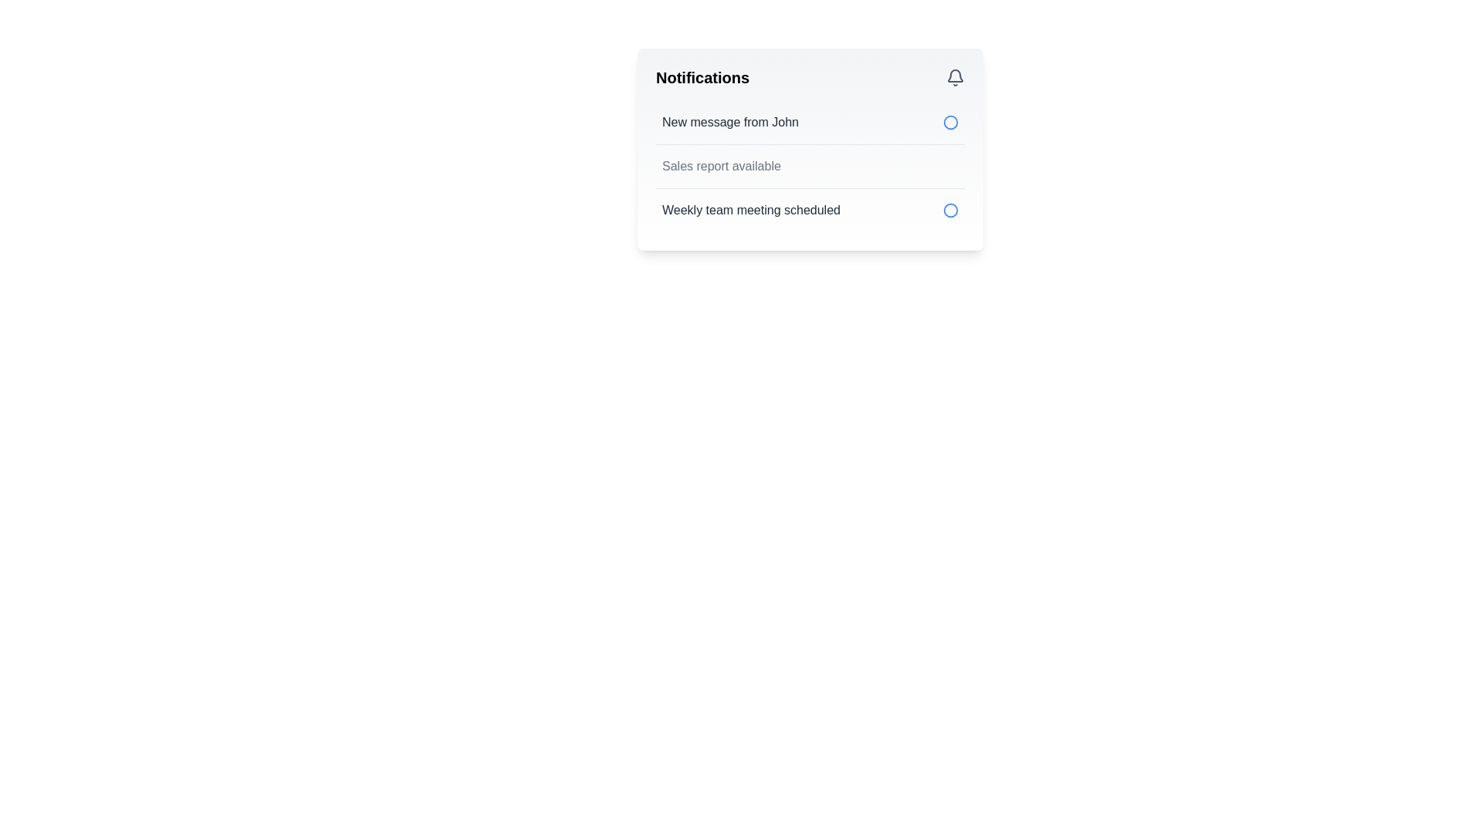  What do you see at coordinates (810, 167) in the screenshot?
I see `the second notification item in the list that informs about the availability of a sales report` at bounding box center [810, 167].